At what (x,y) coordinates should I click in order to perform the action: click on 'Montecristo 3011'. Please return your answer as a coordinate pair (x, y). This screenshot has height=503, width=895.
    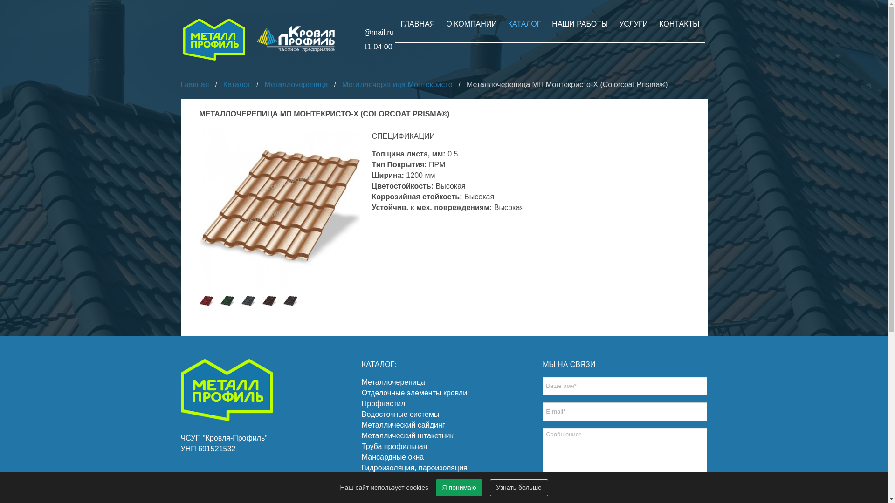
    Looking at the image, I should click on (206, 300).